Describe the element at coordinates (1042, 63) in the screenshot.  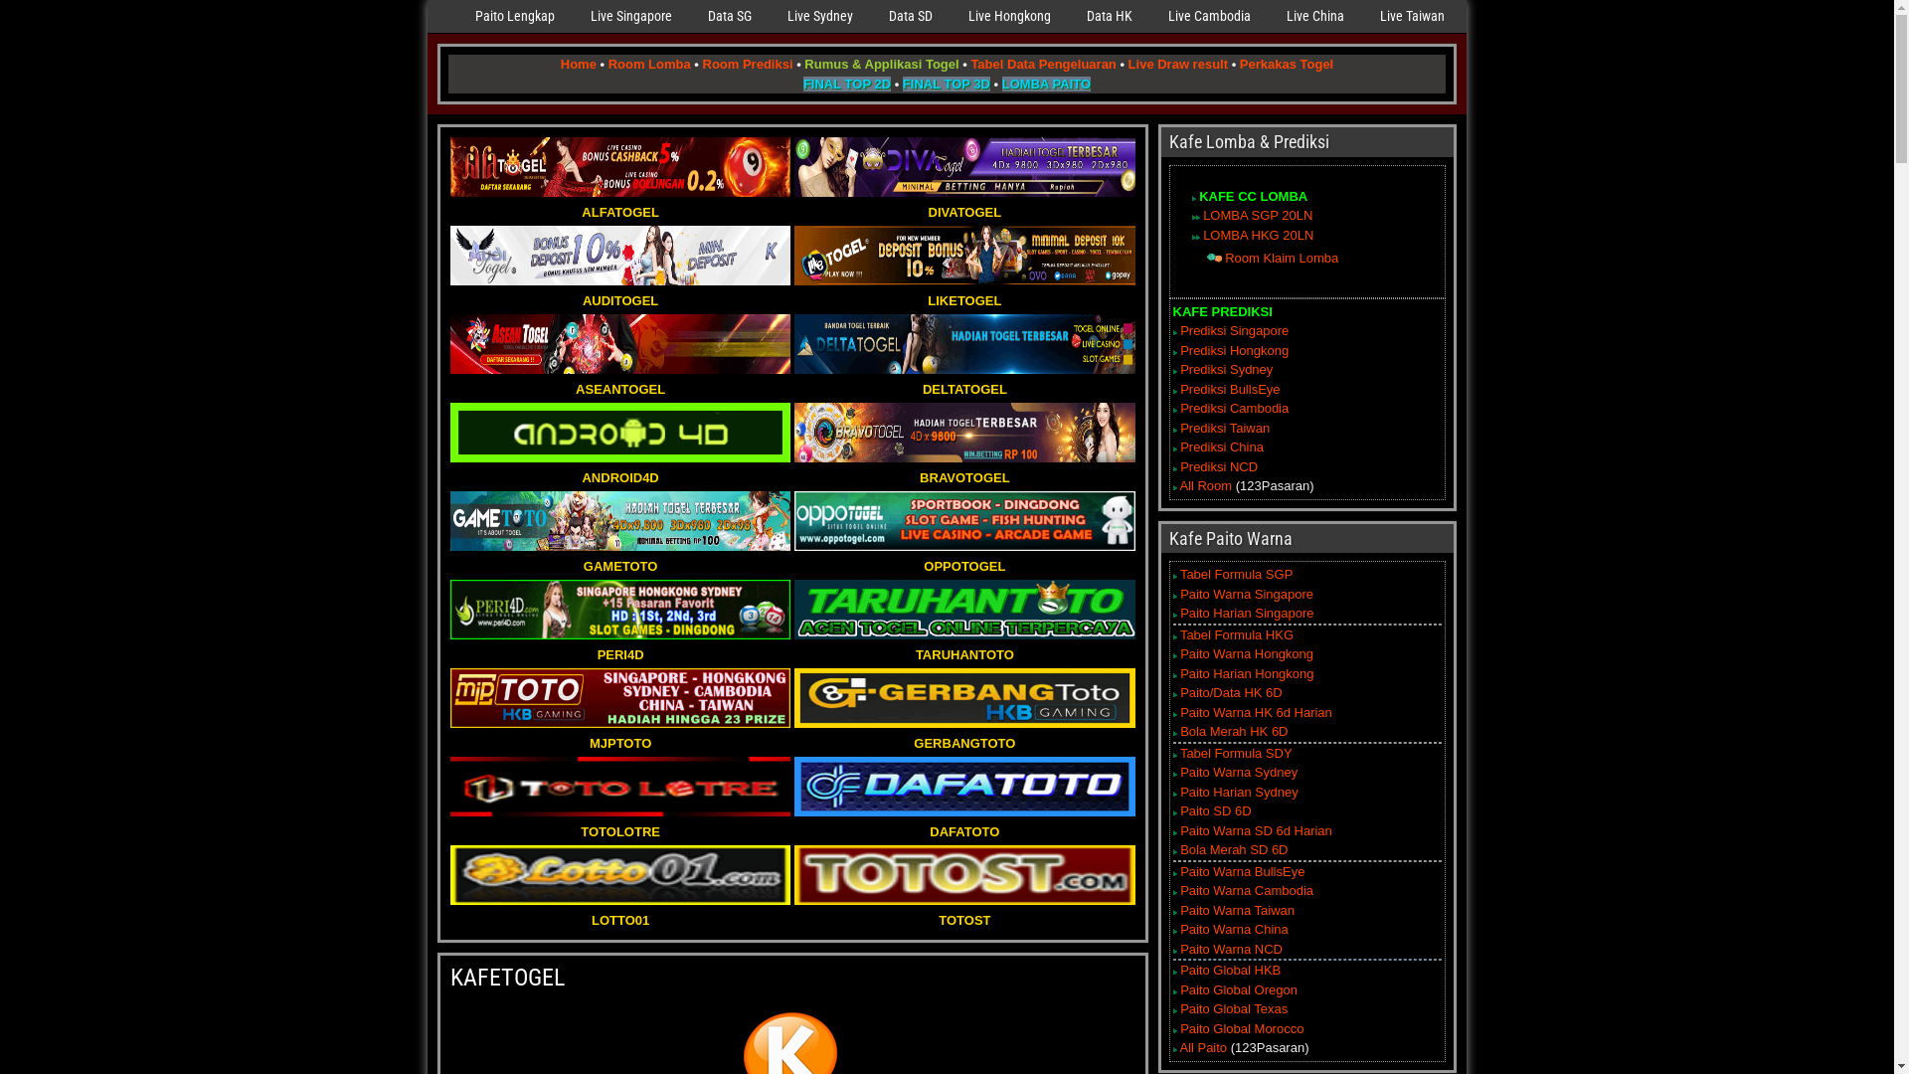
I see `'Tabel Data Pengeluaran'` at that location.